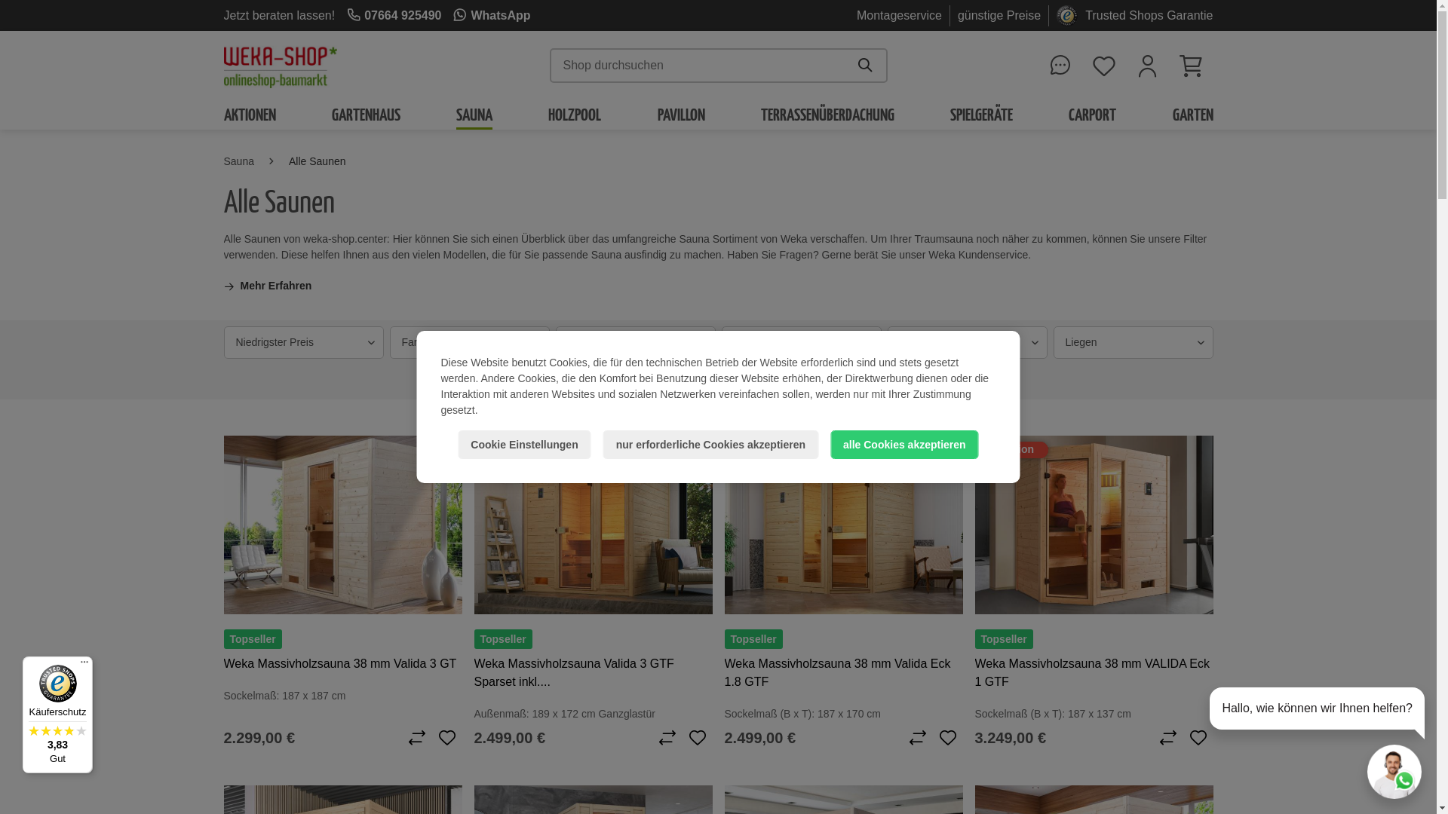  I want to click on 'Cookie Einstellungen', so click(456, 444).